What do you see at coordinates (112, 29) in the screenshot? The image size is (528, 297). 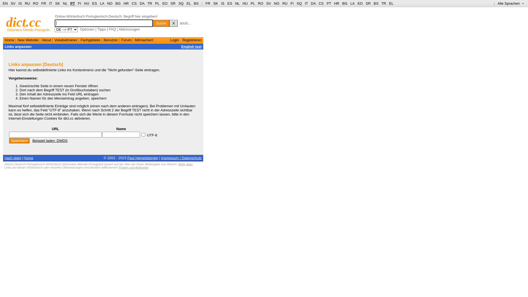 I see `'FAQ'` at bounding box center [112, 29].